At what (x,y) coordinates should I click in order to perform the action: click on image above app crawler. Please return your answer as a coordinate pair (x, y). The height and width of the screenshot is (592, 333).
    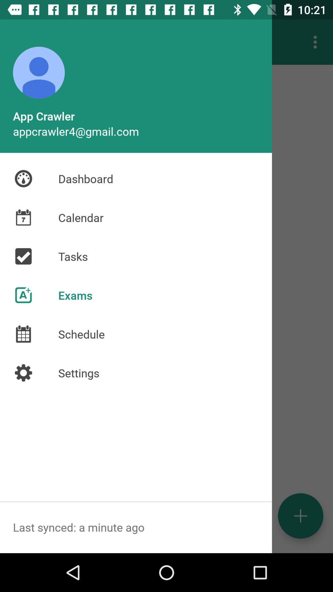
    Looking at the image, I should click on (39, 72).